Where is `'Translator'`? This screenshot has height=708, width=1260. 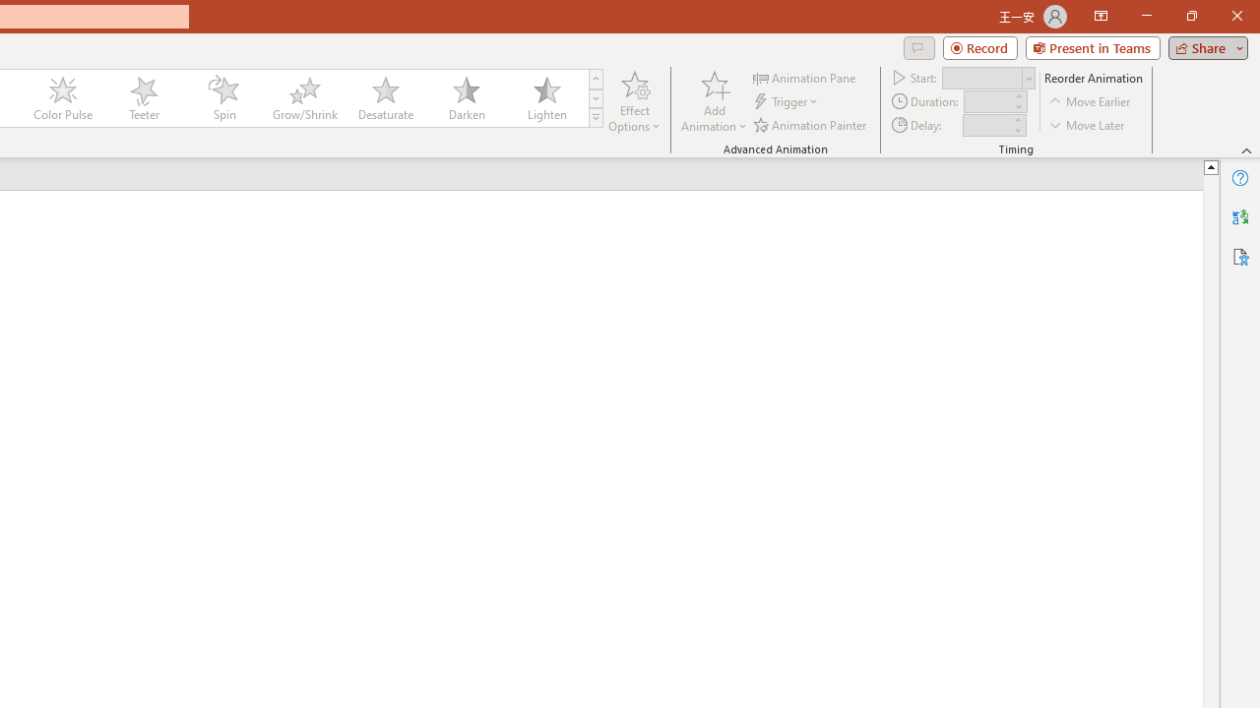 'Translator' is located at coordinates (1239, 217).